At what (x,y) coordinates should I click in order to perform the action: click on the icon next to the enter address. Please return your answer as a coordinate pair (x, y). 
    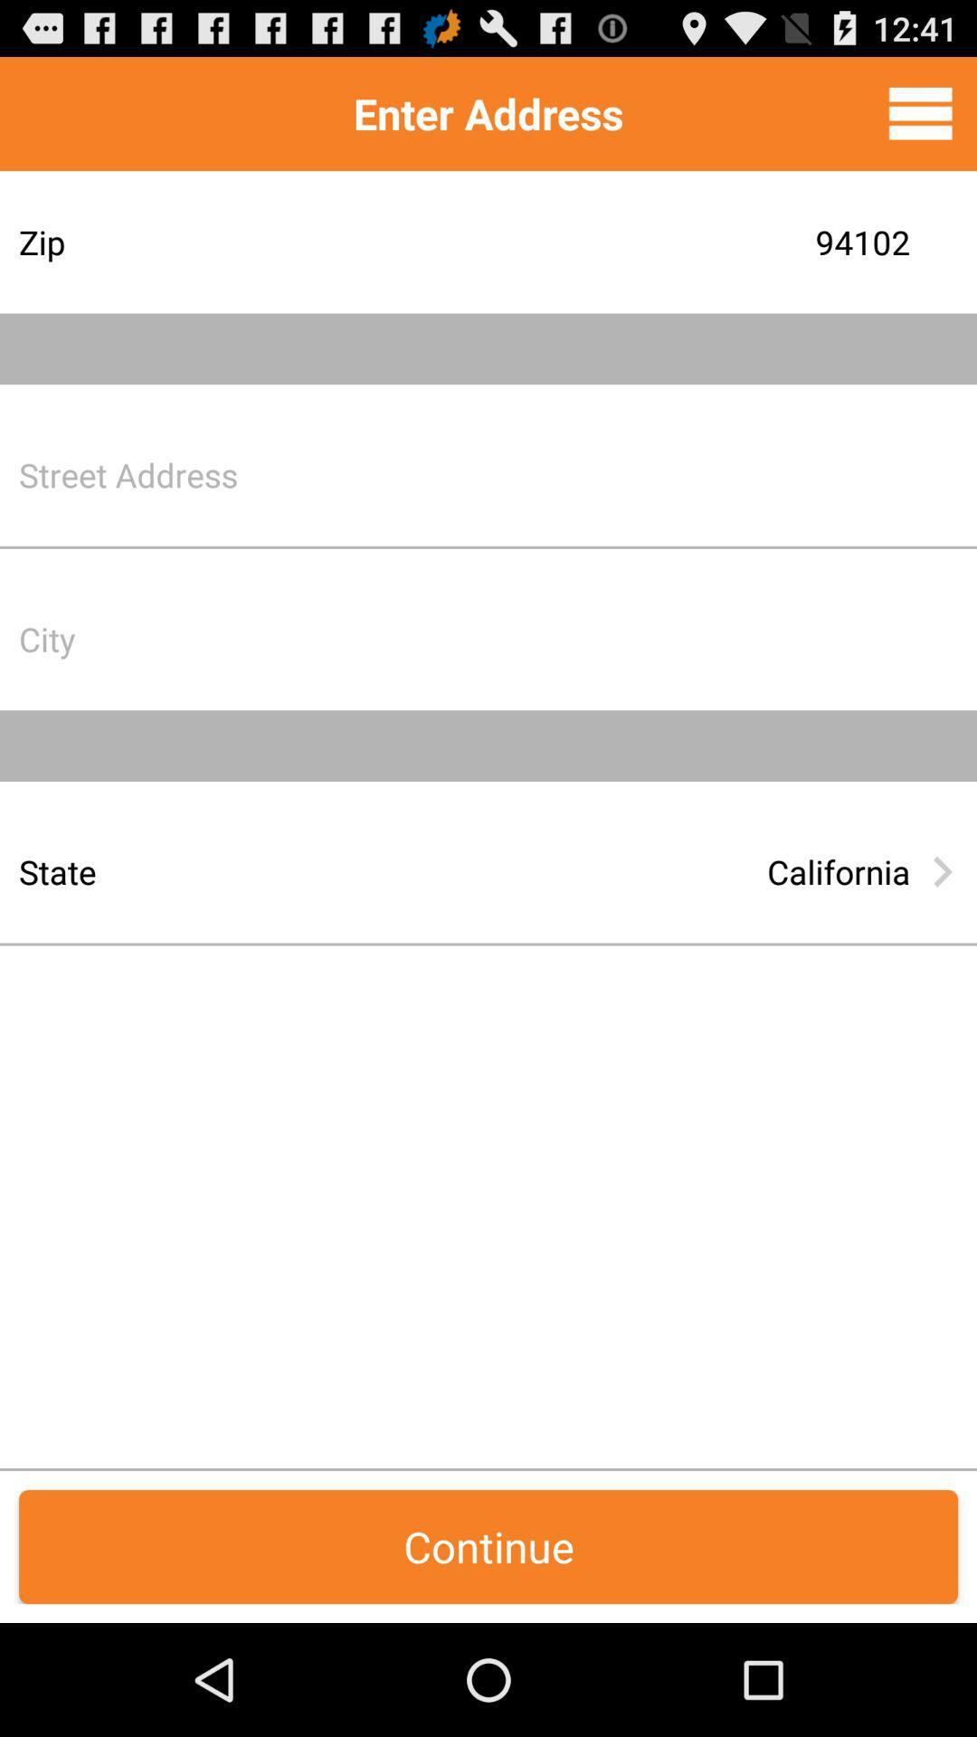
    Looking at the image, I should click on (920, 112).